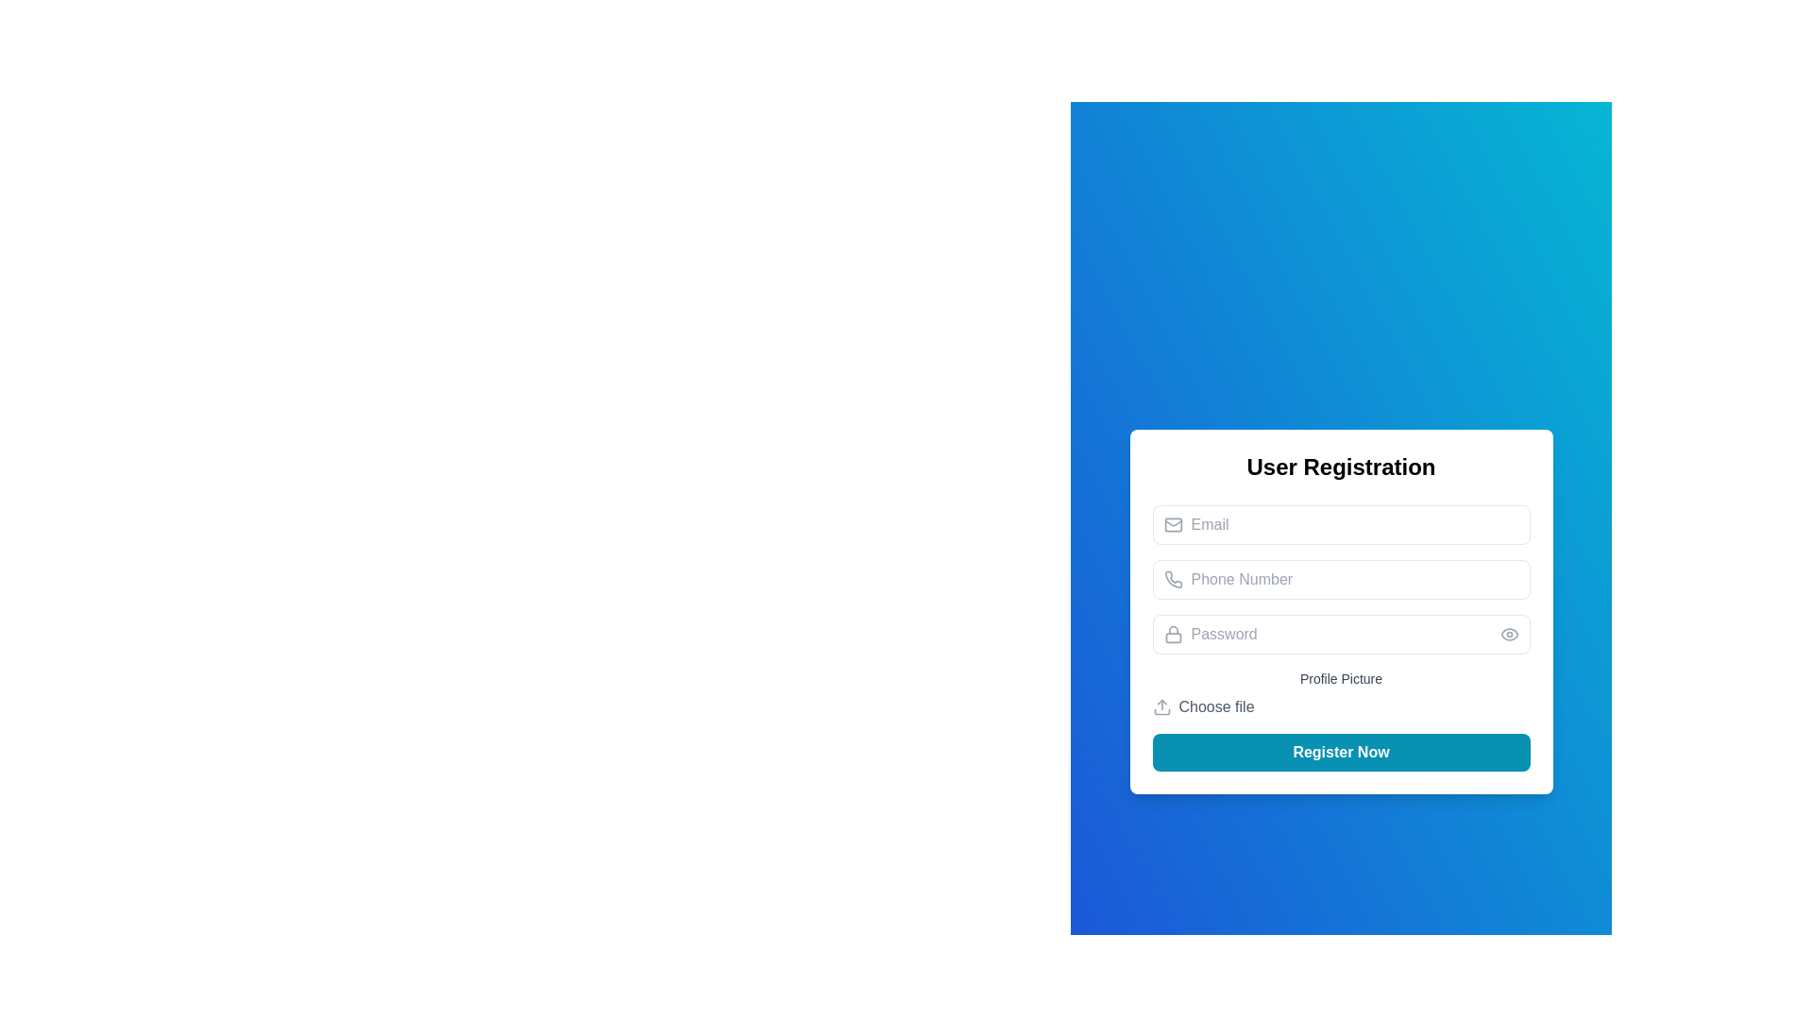  Describe the element at coordinates (1340, 467) in the screenshot. I see `the bold, centrally aligned header text 'User Registration' located at the top of a white panel above a form section` at that location.